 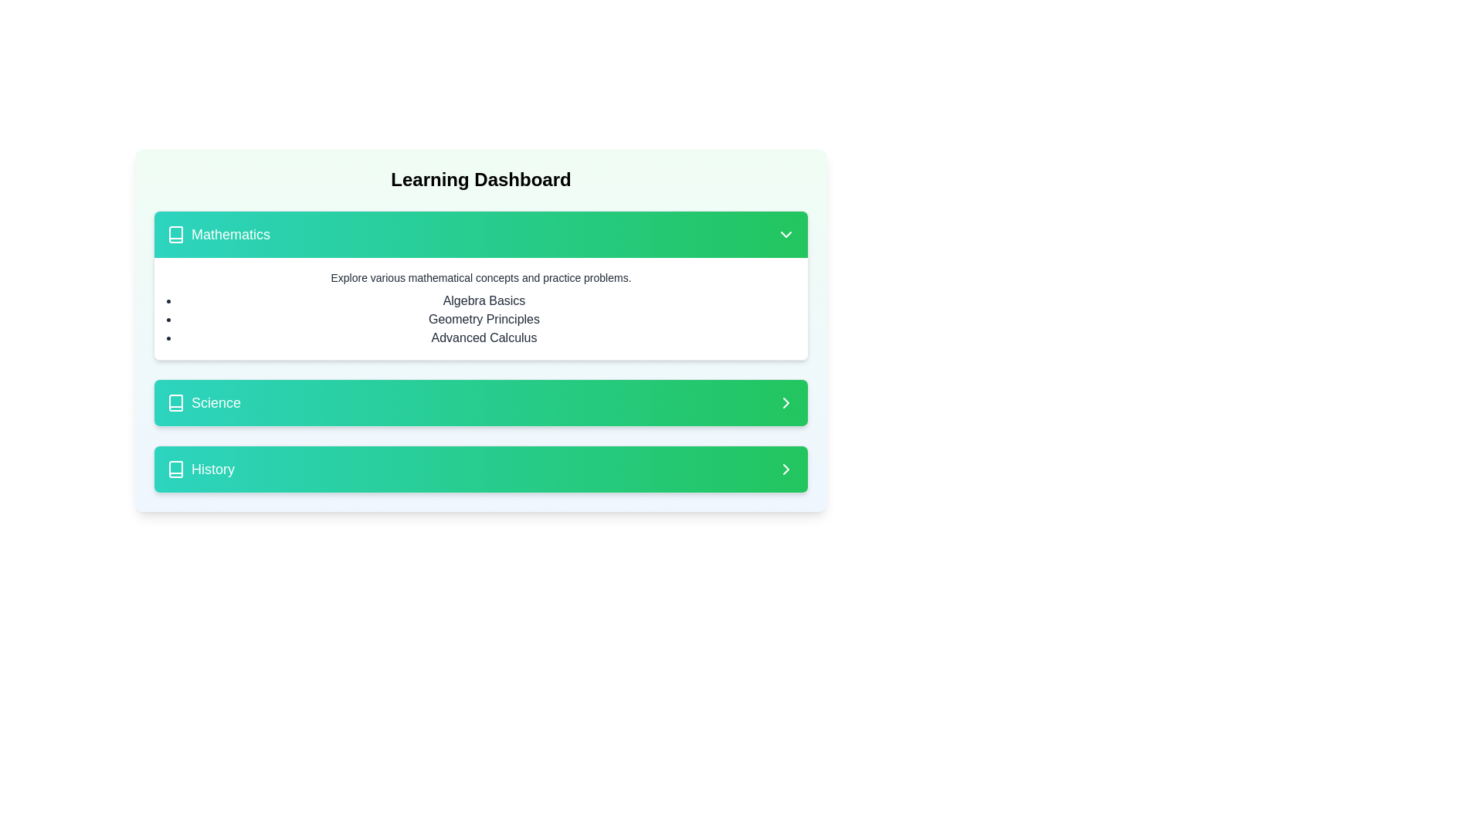 I want to click on the 'History' icon represented by a book icon, which is located to the left of the 'History' label within a green rectangular section, so click(x=175, y=469).